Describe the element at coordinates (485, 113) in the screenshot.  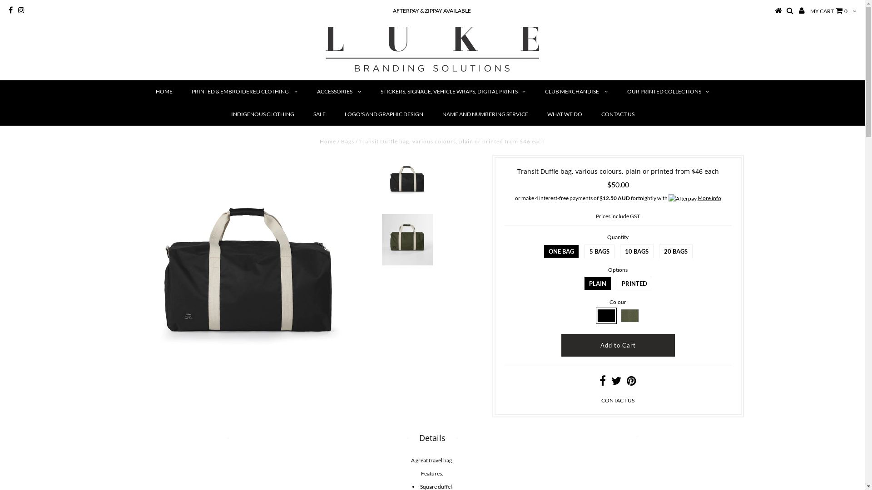
I see `'NAME AND NUMBERING SERVICE'` at that location.